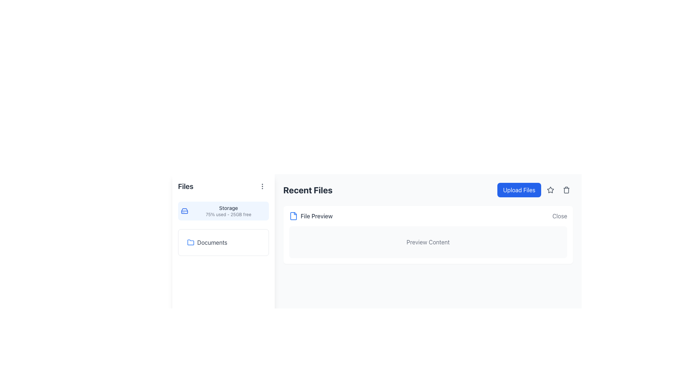 The height and width of the screenshot is (391, 695). I want to click on the close button located on the far right of the 'File Preview' header, so click(559, 216).